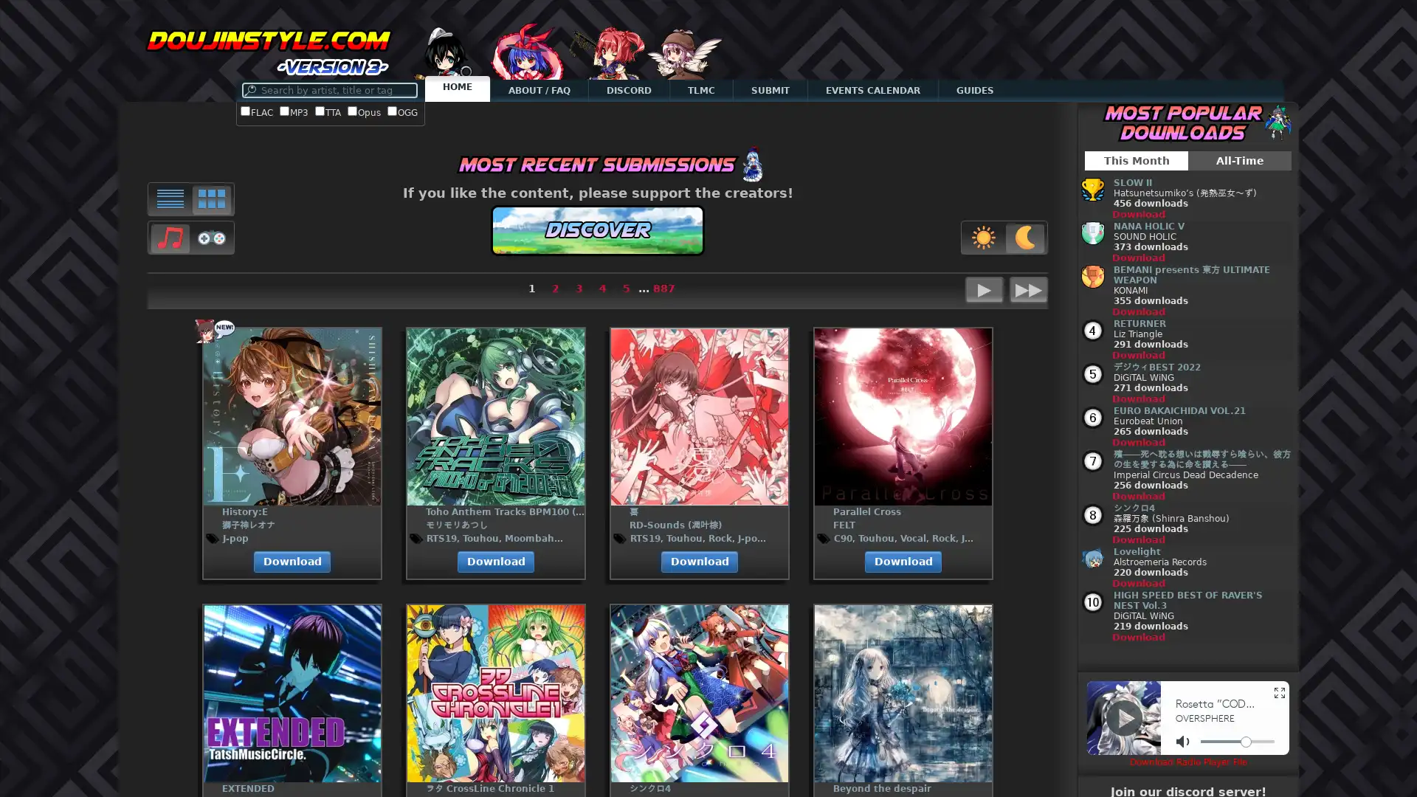  What do you see at coordinates (699, 561) in the screenshot?
I see `Download` at bounding box center [699, 561].